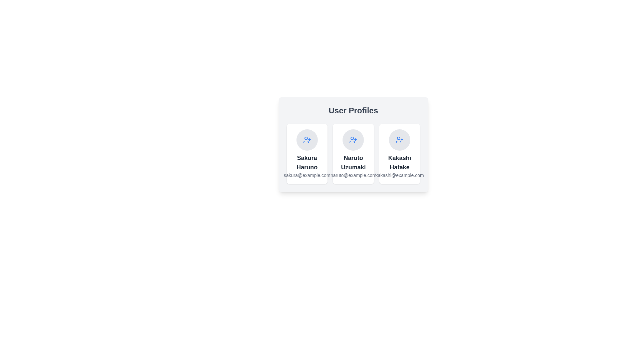  I want to click on the central icon in the 'User Profiles' section to initiate the action of adding or connecting with a user profile, so click(353, 140).